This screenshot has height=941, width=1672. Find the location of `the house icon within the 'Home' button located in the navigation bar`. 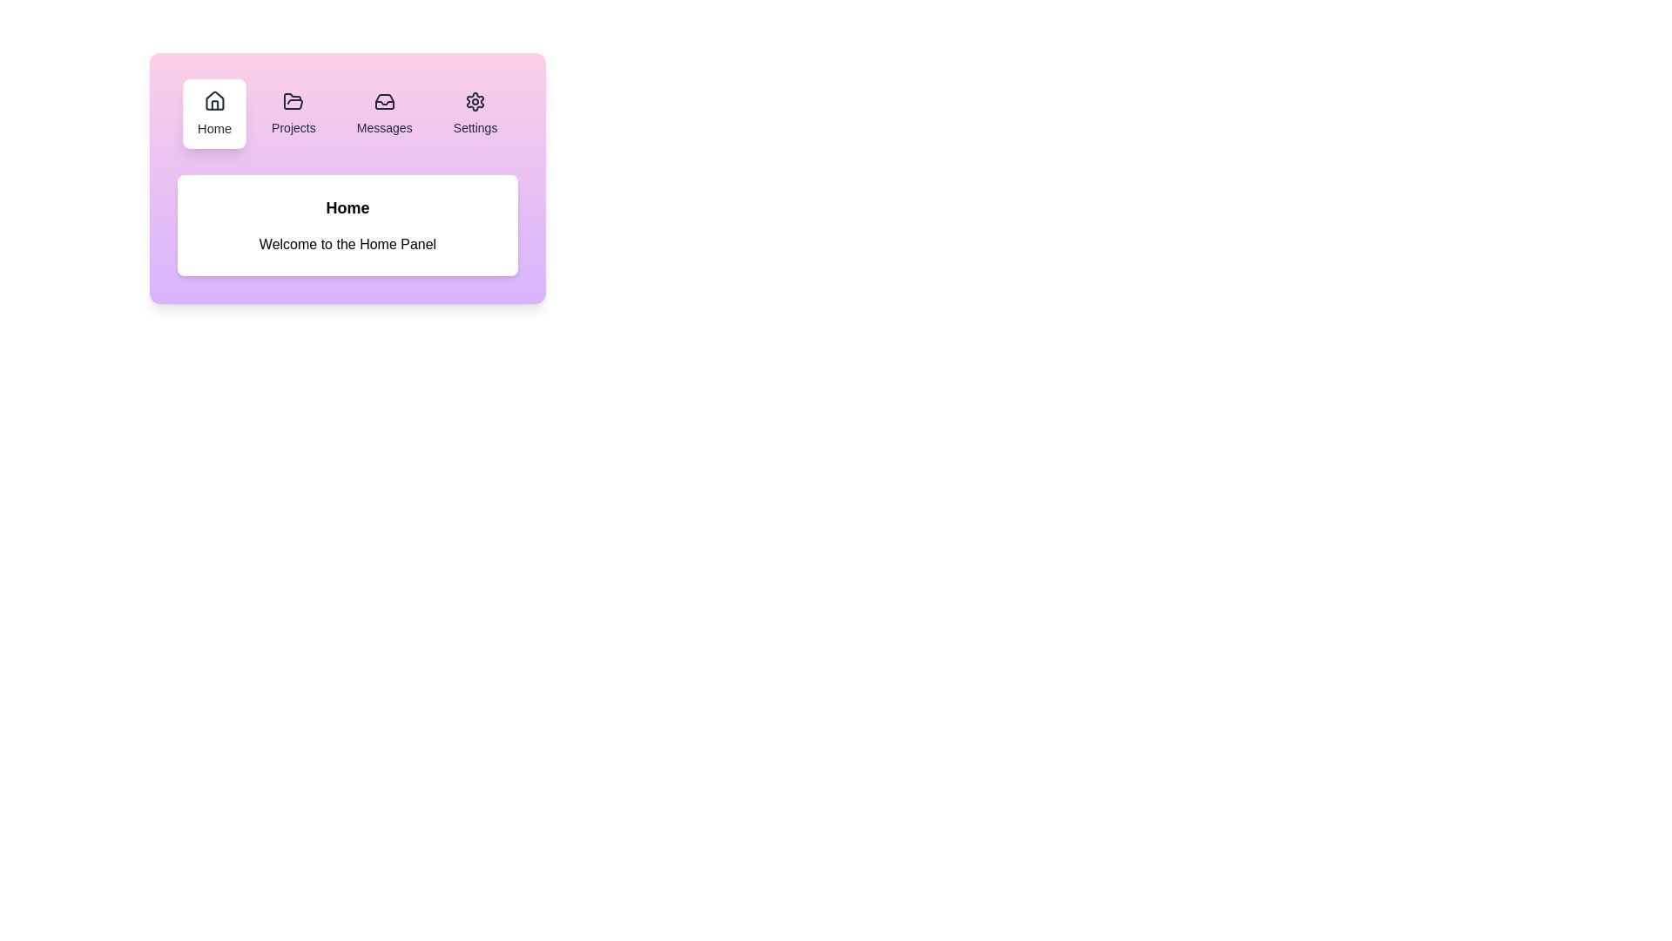

the house icon within the 'Home' button located in the navigation bar is located at coordinates (212, 105).